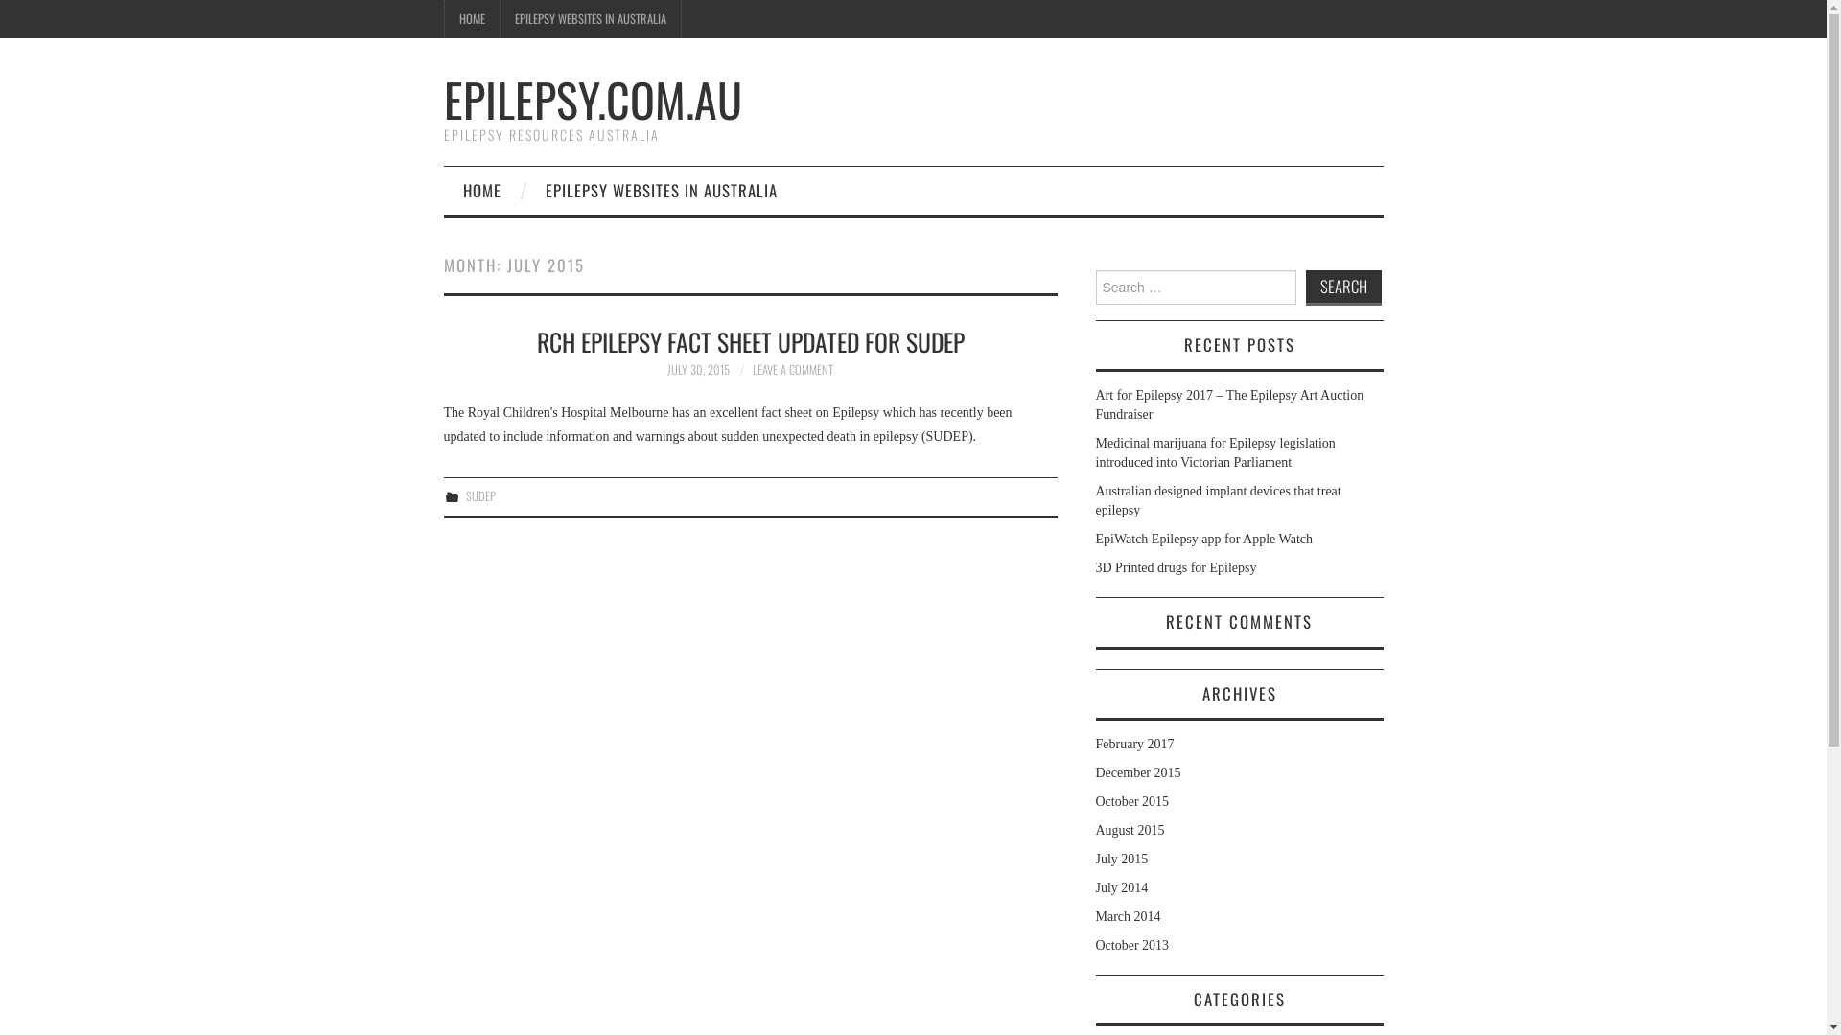 This screenshot has height=1035, width=1841. What do you see at coordinates (1131, 944) in the screenshot?
I see `'October 2013'` at bounding box center [1131, 944].